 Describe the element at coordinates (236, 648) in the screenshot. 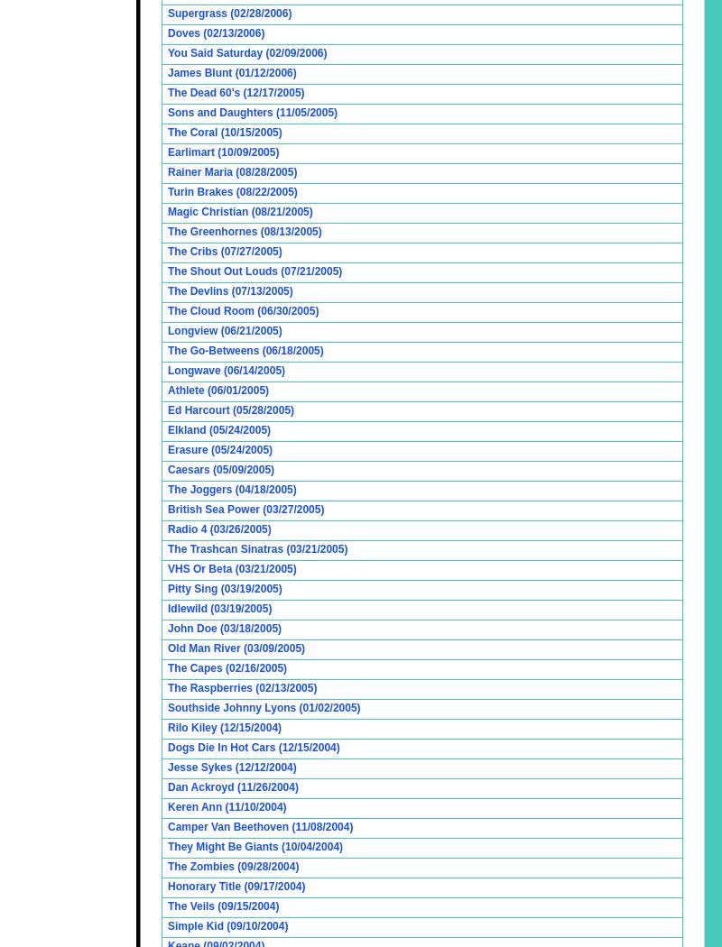

I see `'Old Man River (03/09/2005)'` at that location.